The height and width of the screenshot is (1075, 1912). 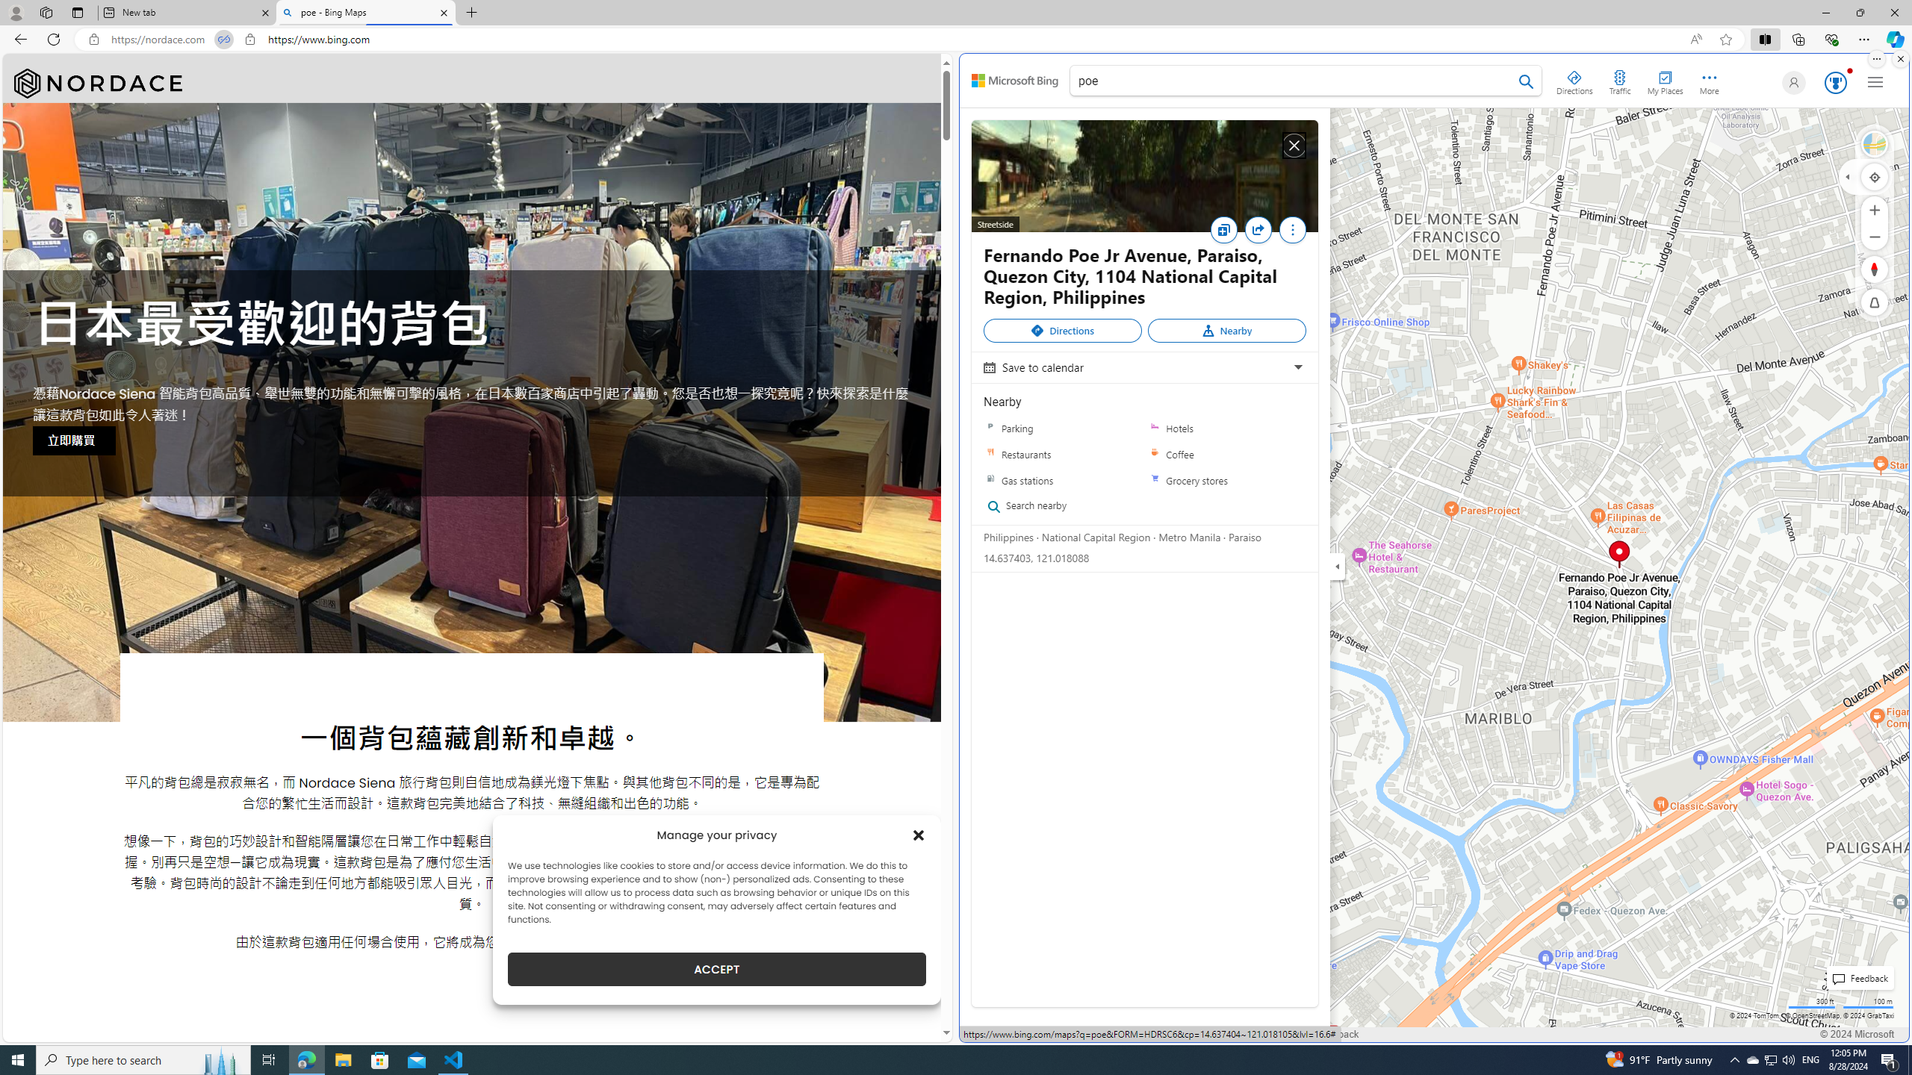 I want to click on 'poe', so click(x=1306, y=83).